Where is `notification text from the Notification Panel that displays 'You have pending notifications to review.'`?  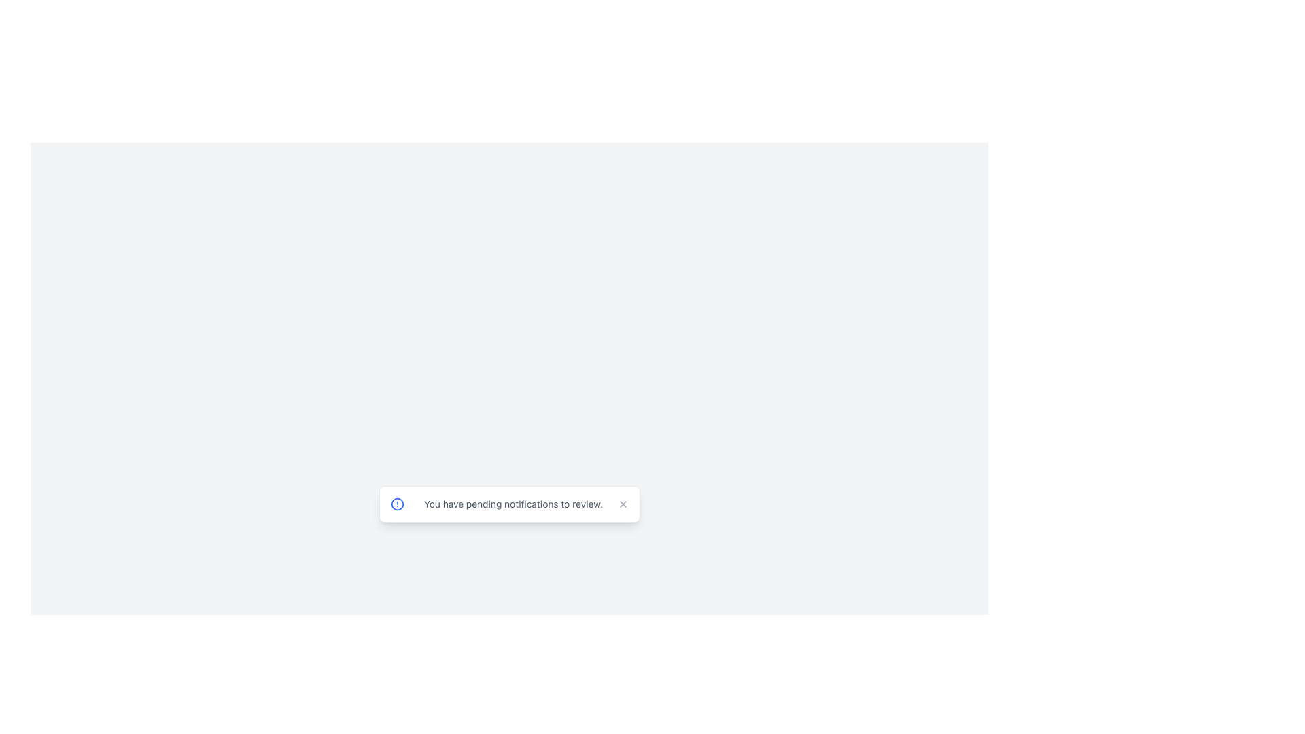 notification text from the Notification Panel that displays 'You have pending notifications to review.' is located at coordinates (508, 509).